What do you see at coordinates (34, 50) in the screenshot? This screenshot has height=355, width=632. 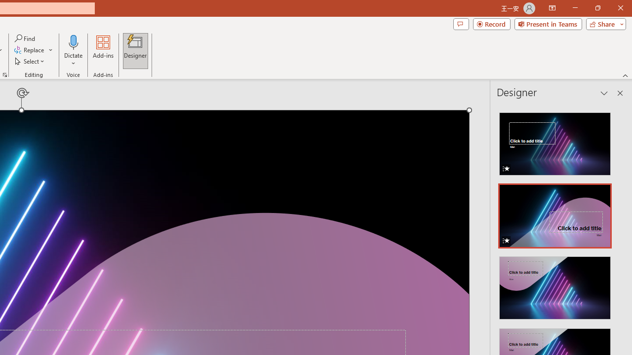 I see `'Replace...'` at bounding box center [34, 50].